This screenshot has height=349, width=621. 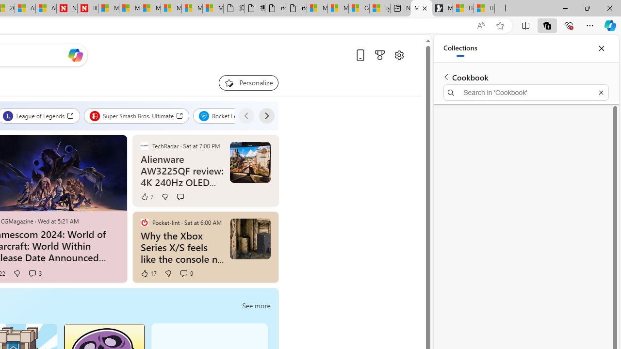 I want to click on 'Back to list of collections', so click(x=446, y=77).